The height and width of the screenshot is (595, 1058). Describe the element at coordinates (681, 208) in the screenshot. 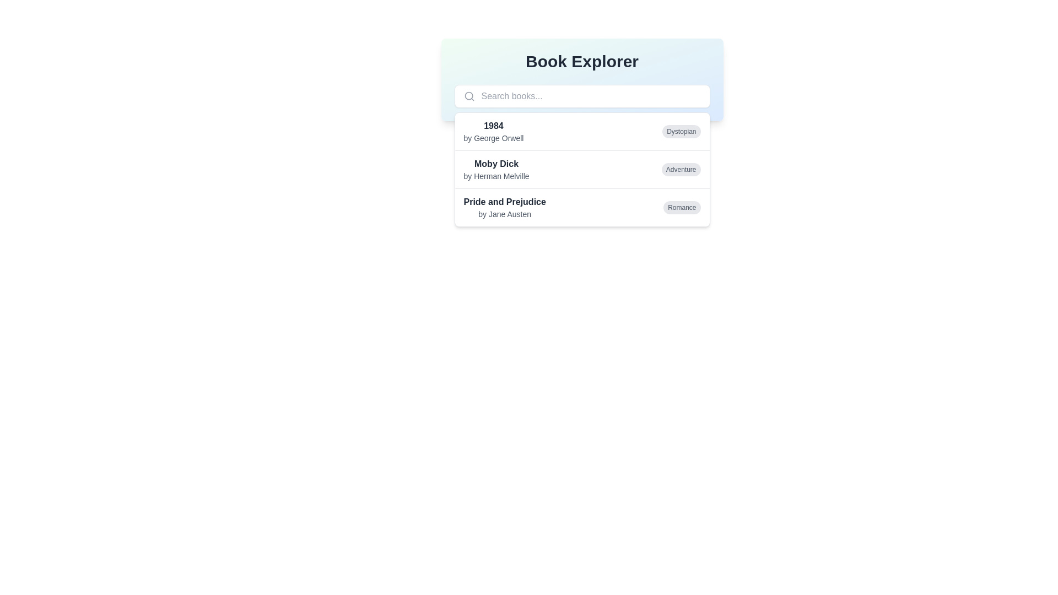

I see `the static label displaying 'Romance', which is a small rectangular badge with a light gray background and darker gray text, located at the far end of the row associated with 'Pride and Prejudice by Jane Austen'` at that location.